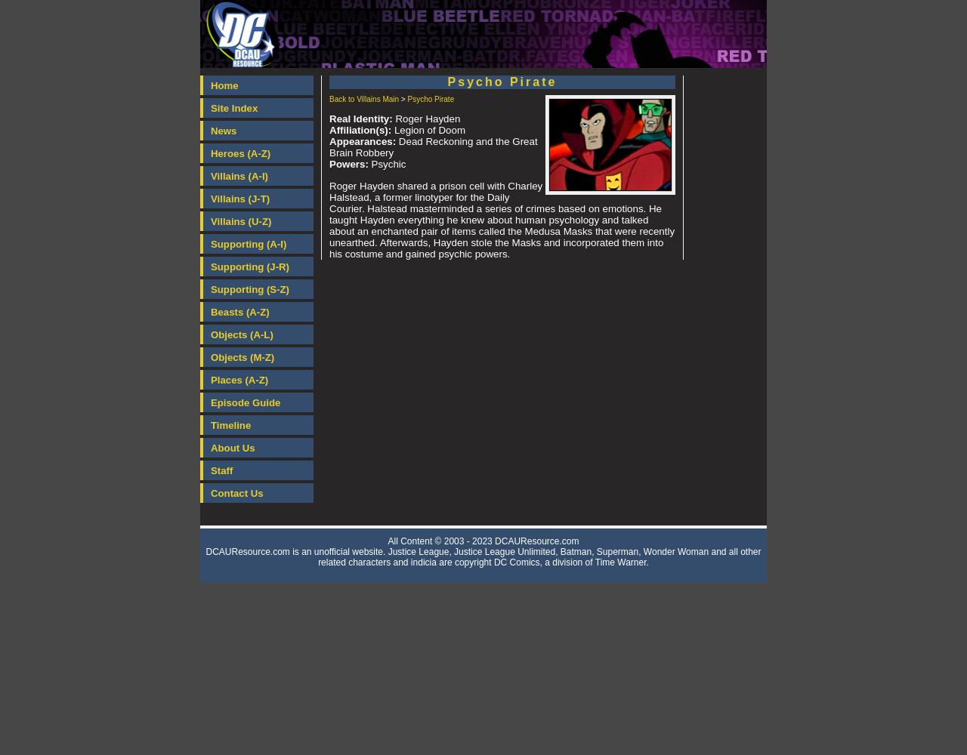 The image size is (967, 755). What do you see at coordinates (210, 447) in the screenshot?
I see `'About Us'` at bounding box center [210, 447].